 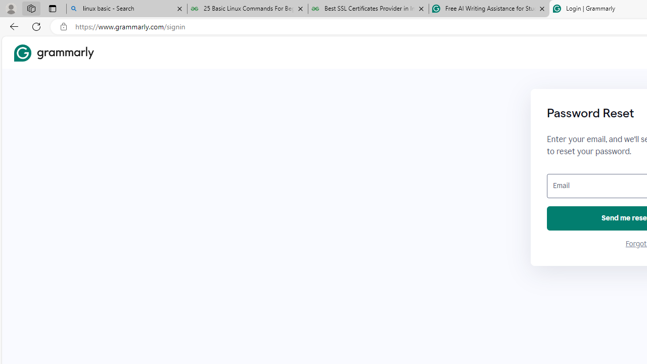 I want to click on 'linux basic - Search', so click(x=126, y=9).